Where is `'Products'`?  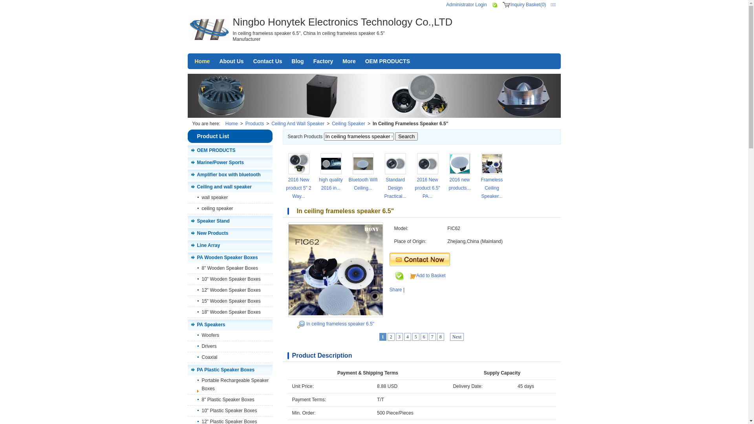 'Products' is located at coordinates (254, 124).